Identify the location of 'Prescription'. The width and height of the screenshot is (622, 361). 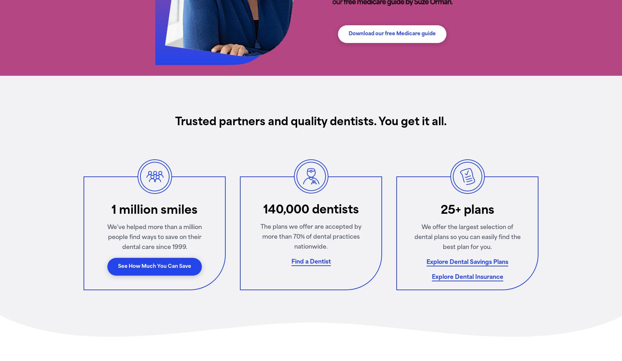
(203, 167).